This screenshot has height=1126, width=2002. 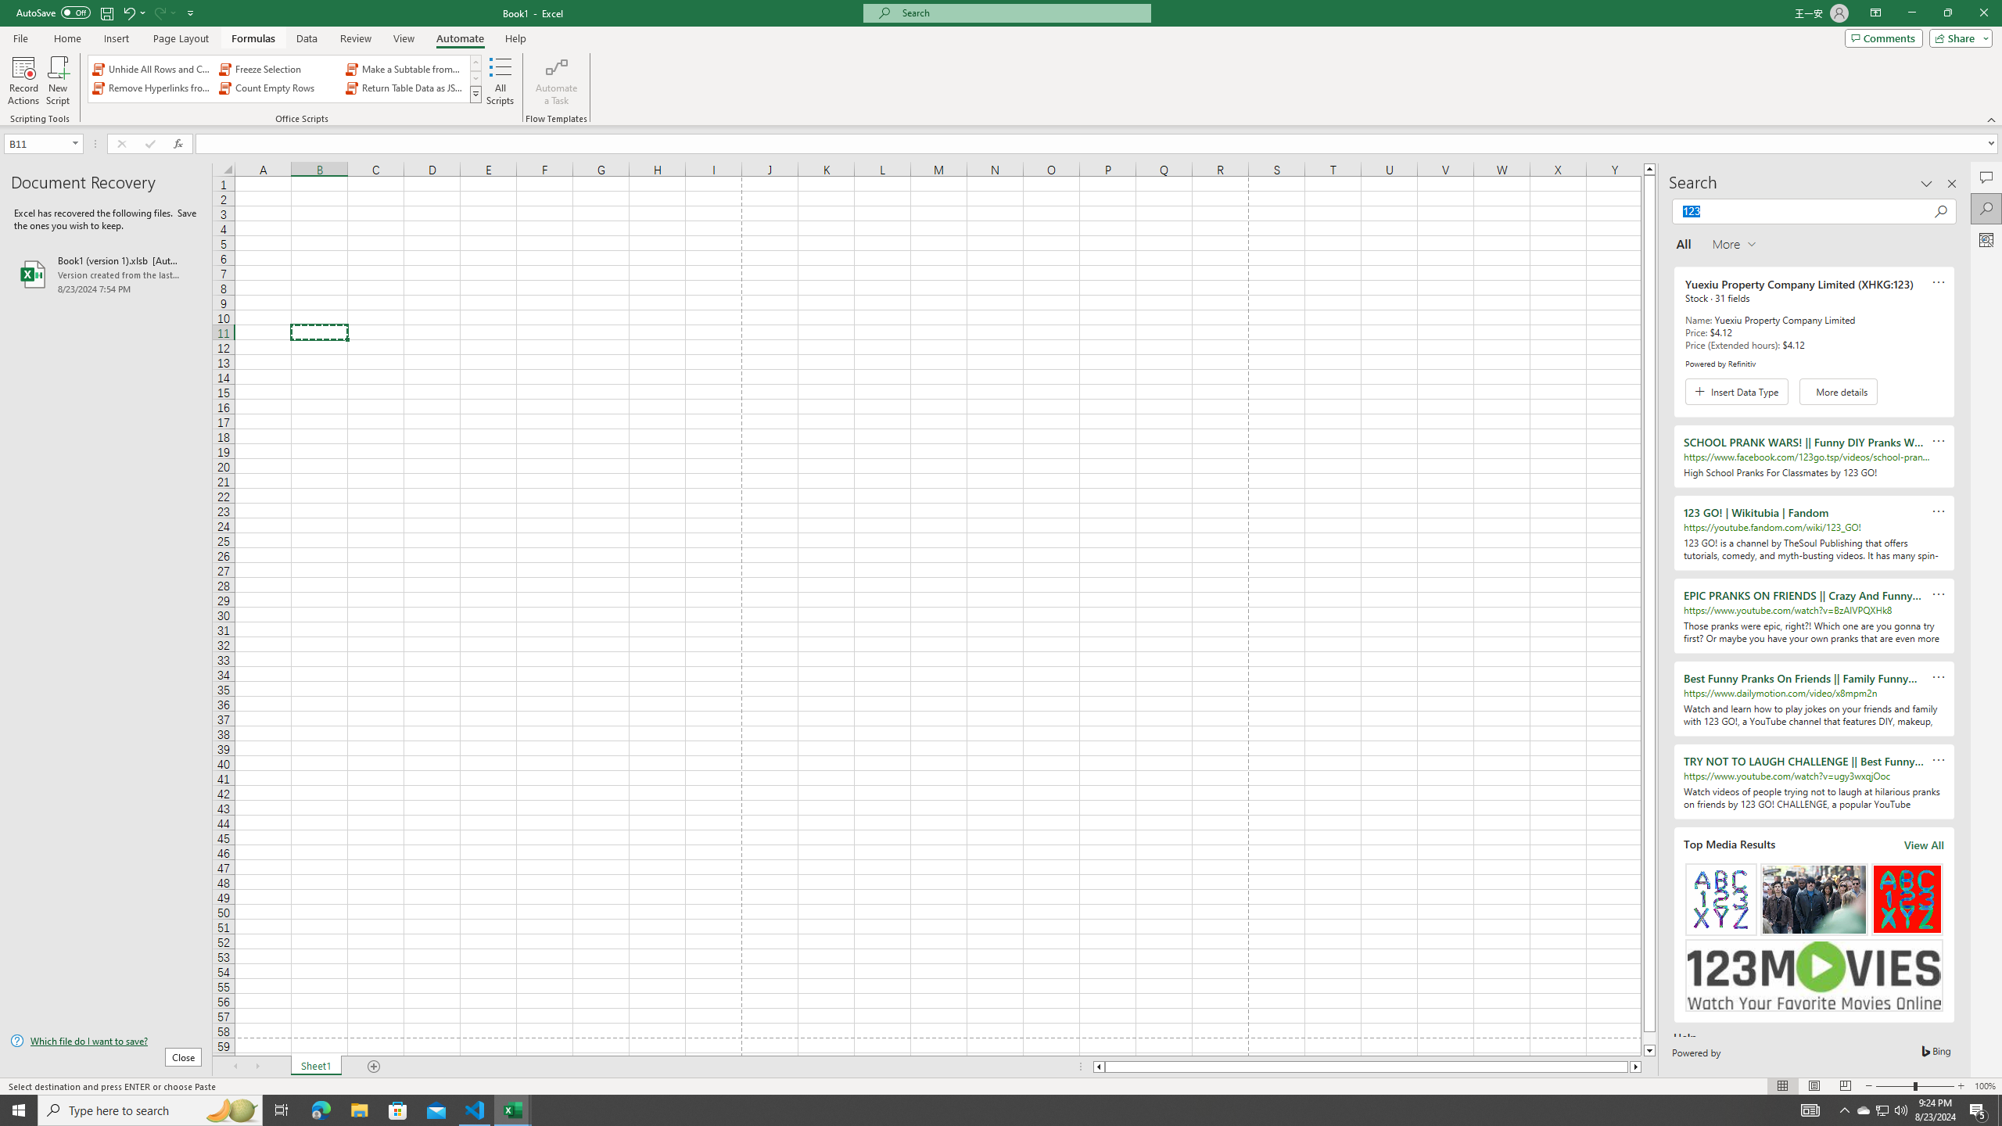 What do you see at coordinates (404, 88) in the screenshot?
I see `'Return Table Data as JSON'` at bounding box center [404, 88].